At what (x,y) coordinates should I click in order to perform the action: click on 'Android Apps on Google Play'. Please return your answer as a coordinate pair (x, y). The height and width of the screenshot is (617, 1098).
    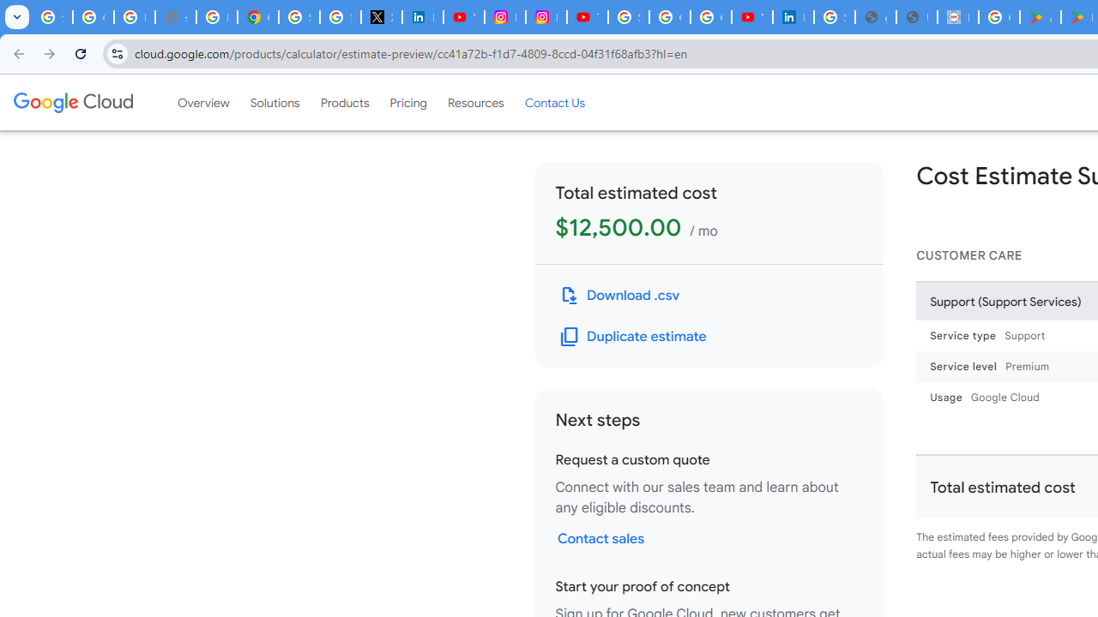
    Looking at the image, I should click on (1039, 17).